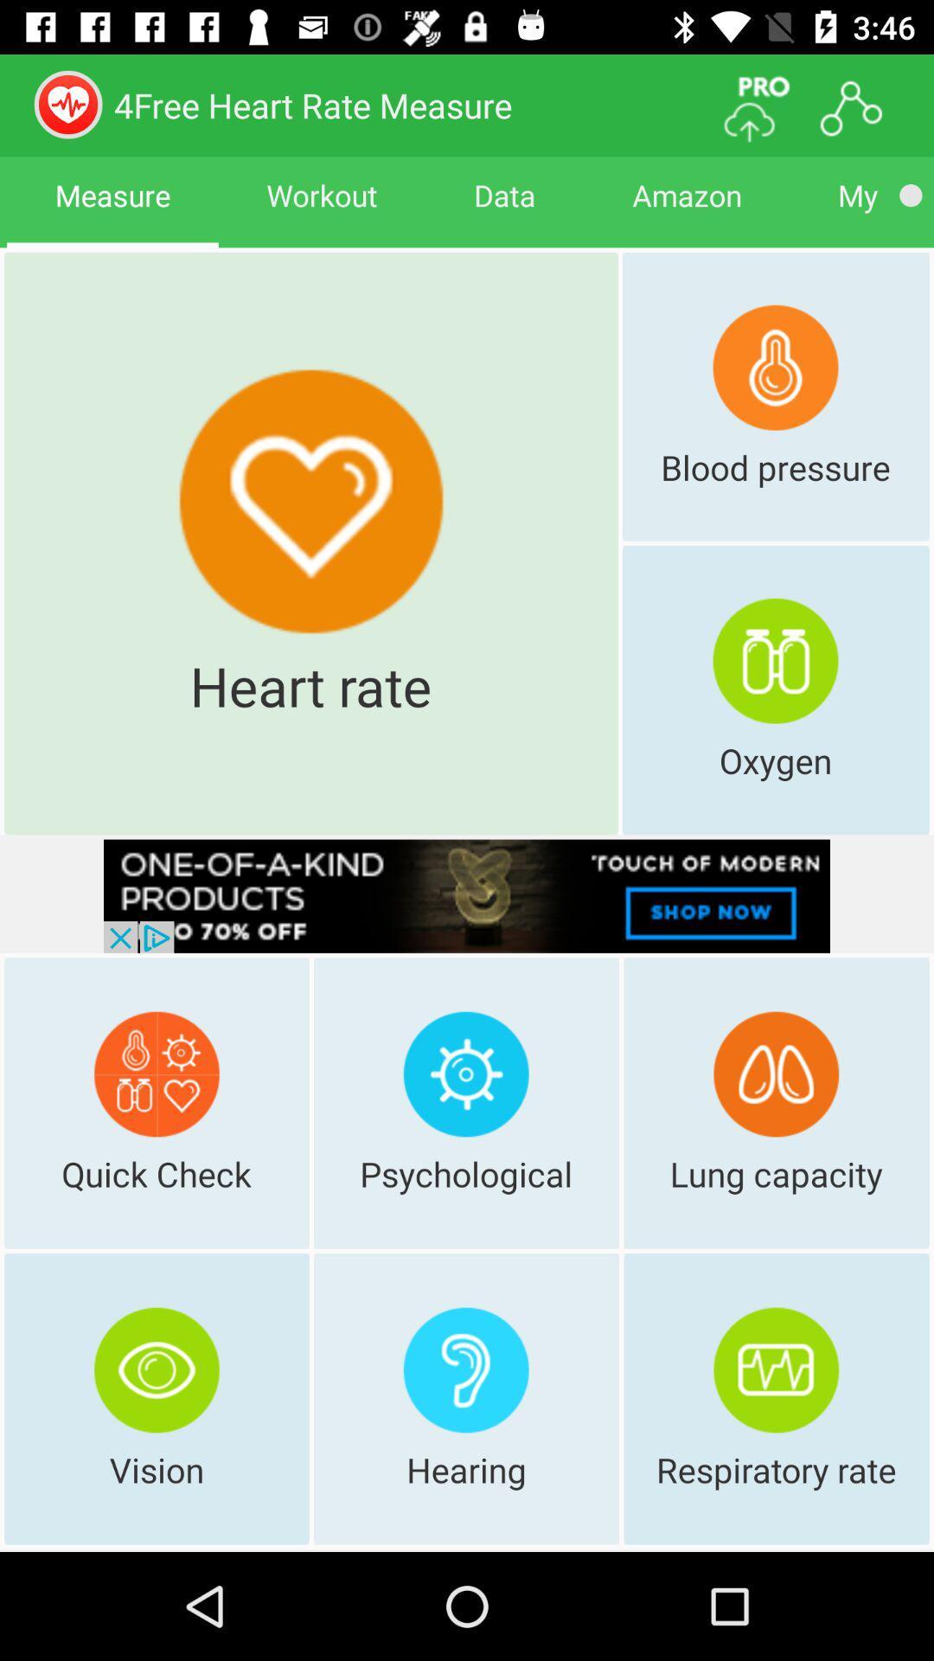 The image size is (934, 1661). Describe the element at coordinates (467, 896) in the screenshot. I see `advertisement` at that location.